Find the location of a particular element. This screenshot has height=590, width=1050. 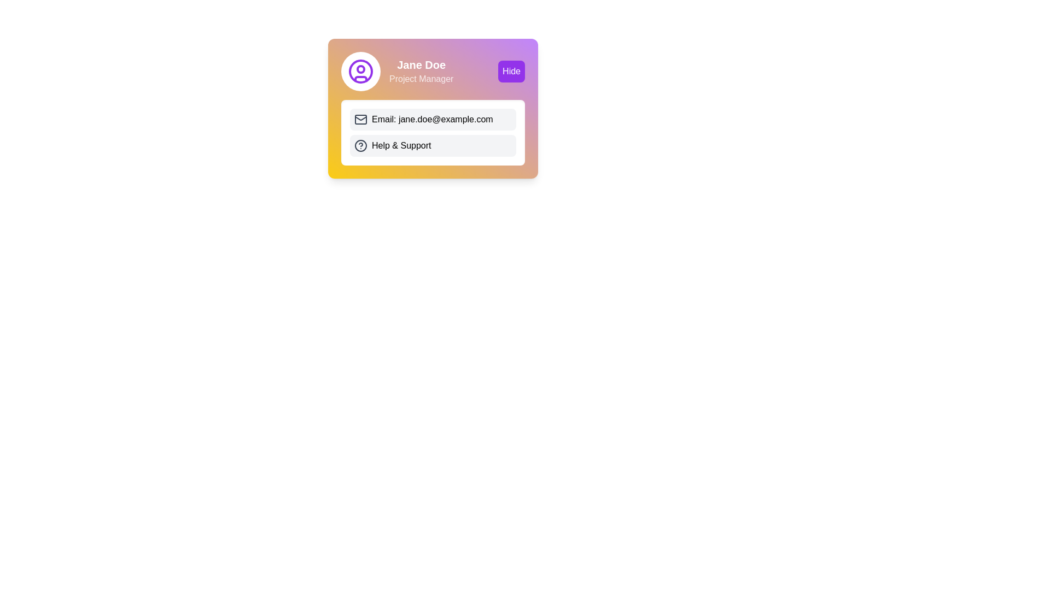

the 'Help & Support' icon which is positioned to the left of the button's text label is located at coordinates (361, 145).